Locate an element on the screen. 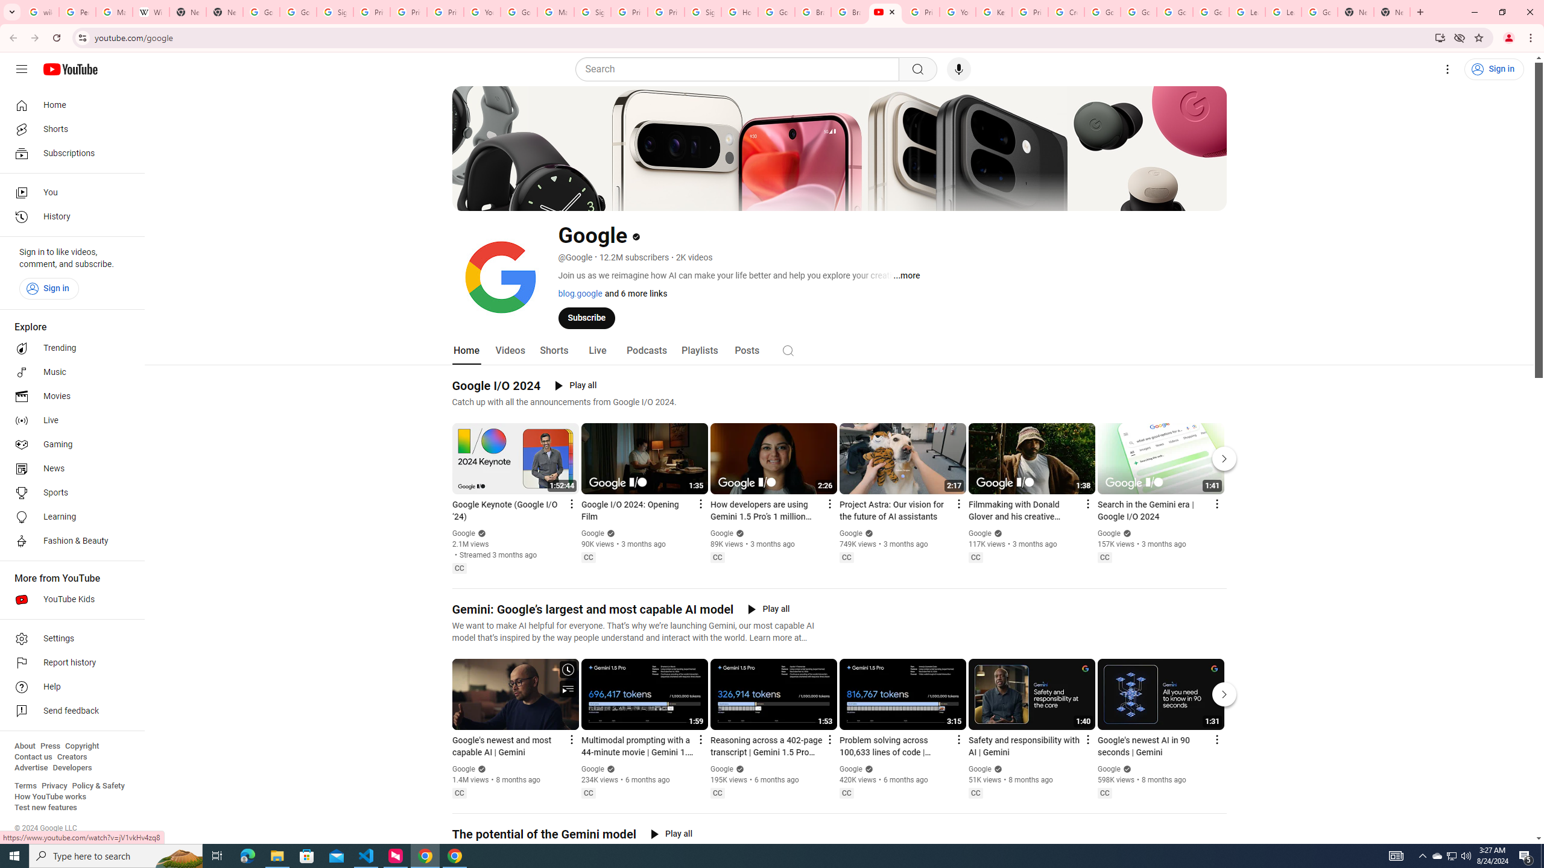  'Test new features' is located at coordinates (45, 807).